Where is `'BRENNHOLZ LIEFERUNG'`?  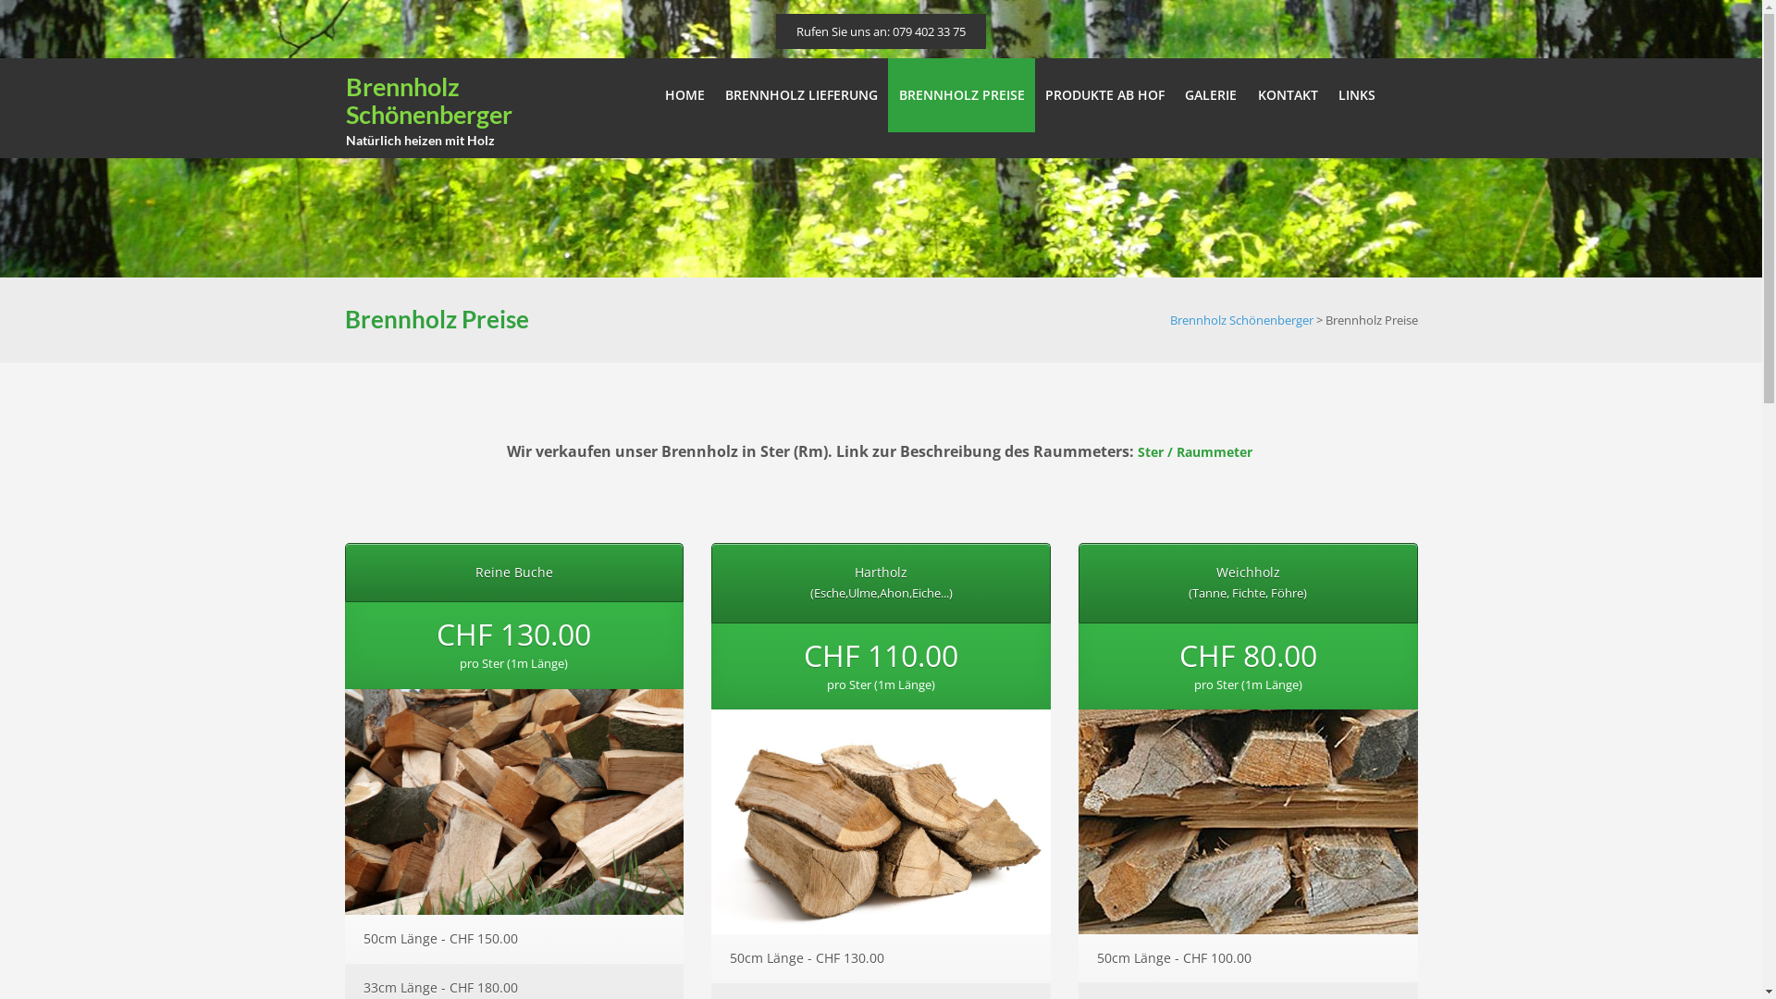
'BRENNHOLZ LIEFERUNG' is located at coordinates (801, 95).